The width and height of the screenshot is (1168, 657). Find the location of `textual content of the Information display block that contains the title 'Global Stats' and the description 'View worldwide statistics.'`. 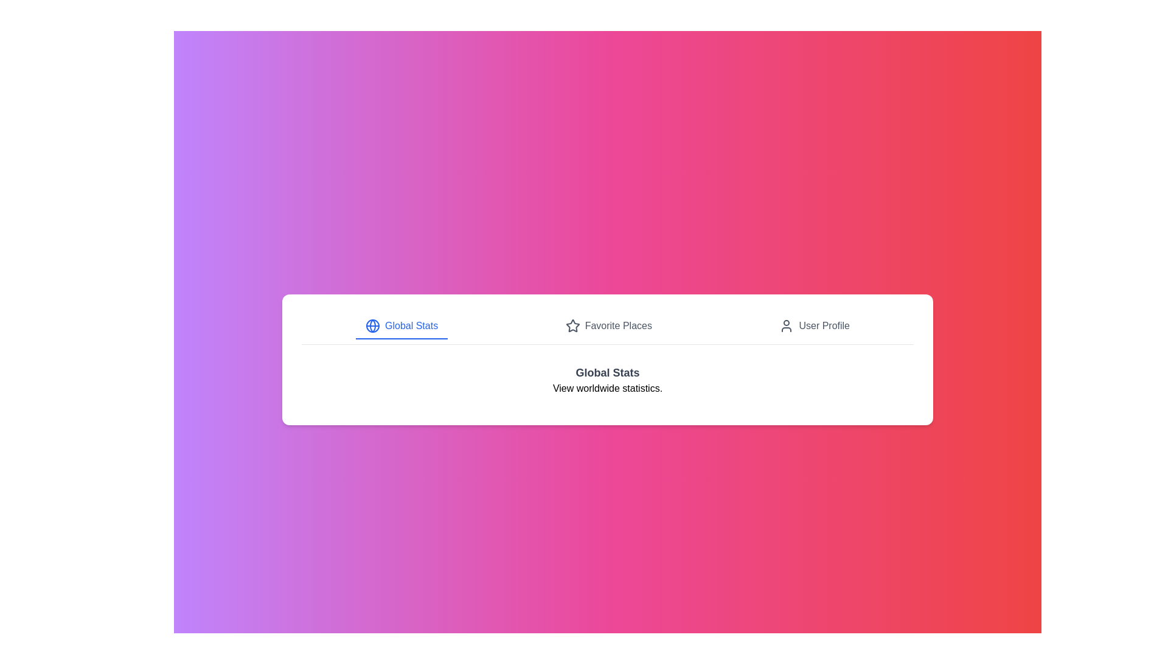

textual content of the Information display block that contains the title 'Global Stats' and the description 'View worldwide statistics.' is located at coordinates (607, 379).